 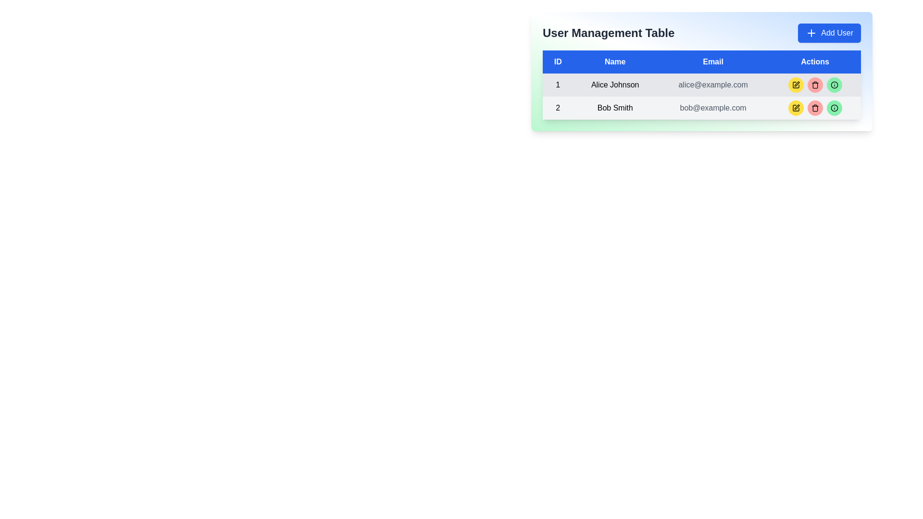 What do you see at coordinates (834, 108) in the screenshot?
I see `the circular green icon with a black border and 'i' symbol in the 'Actions' column of the user management table, located next to the email 'bob@example.com'` at bounding box center [834, 108].